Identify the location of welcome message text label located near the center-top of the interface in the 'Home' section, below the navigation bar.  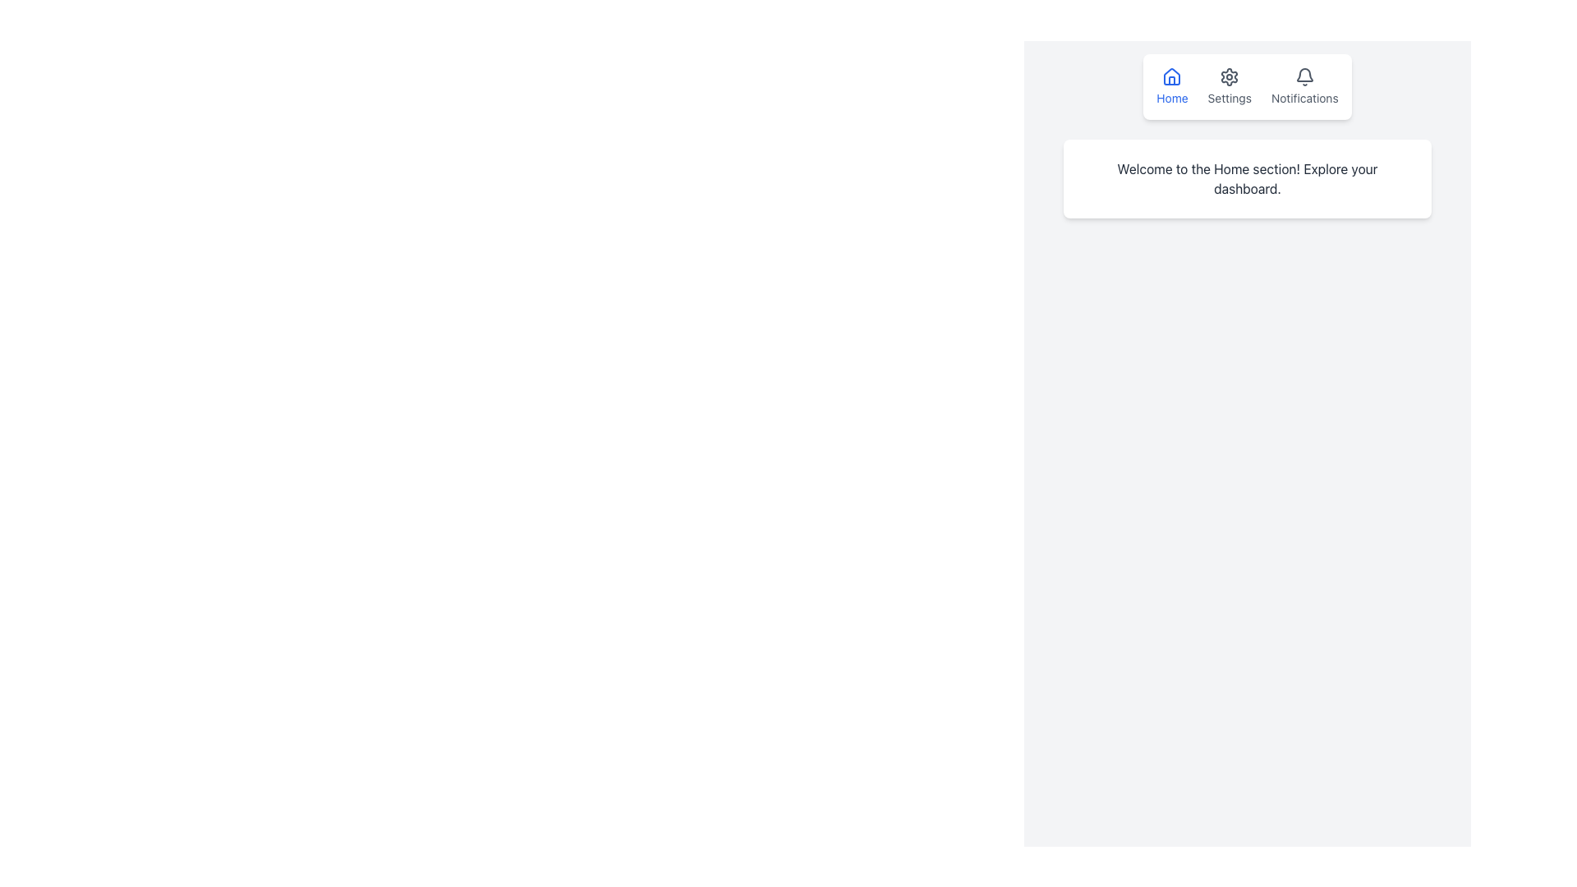
(1247, 179).